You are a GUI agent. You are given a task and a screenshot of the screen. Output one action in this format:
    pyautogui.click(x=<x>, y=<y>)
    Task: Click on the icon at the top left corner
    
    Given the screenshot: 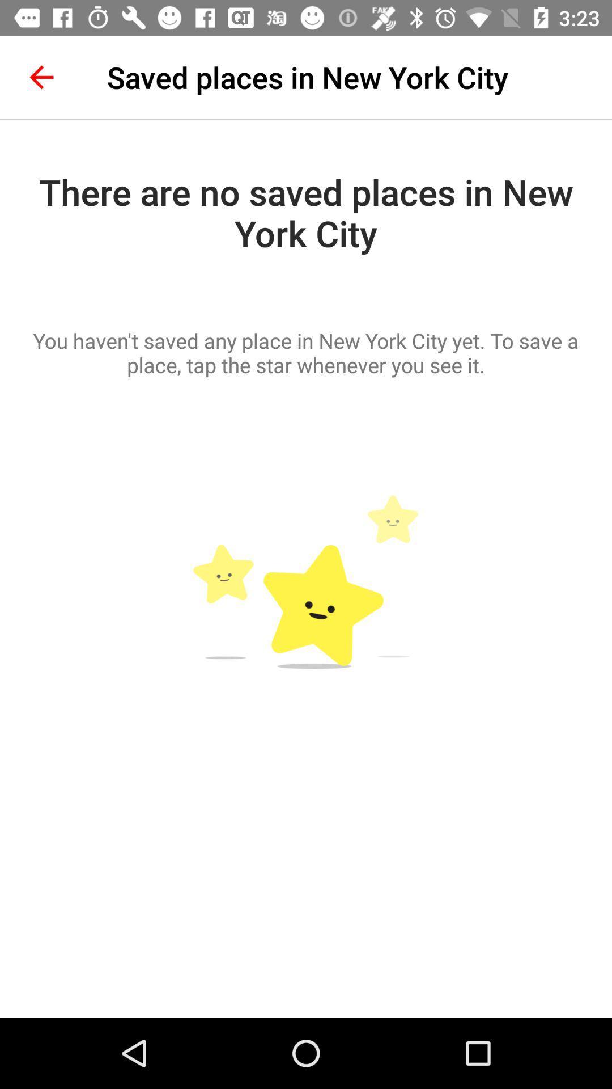 What is the action you would take?
    pyautogui.click(x=41, y=77)
    